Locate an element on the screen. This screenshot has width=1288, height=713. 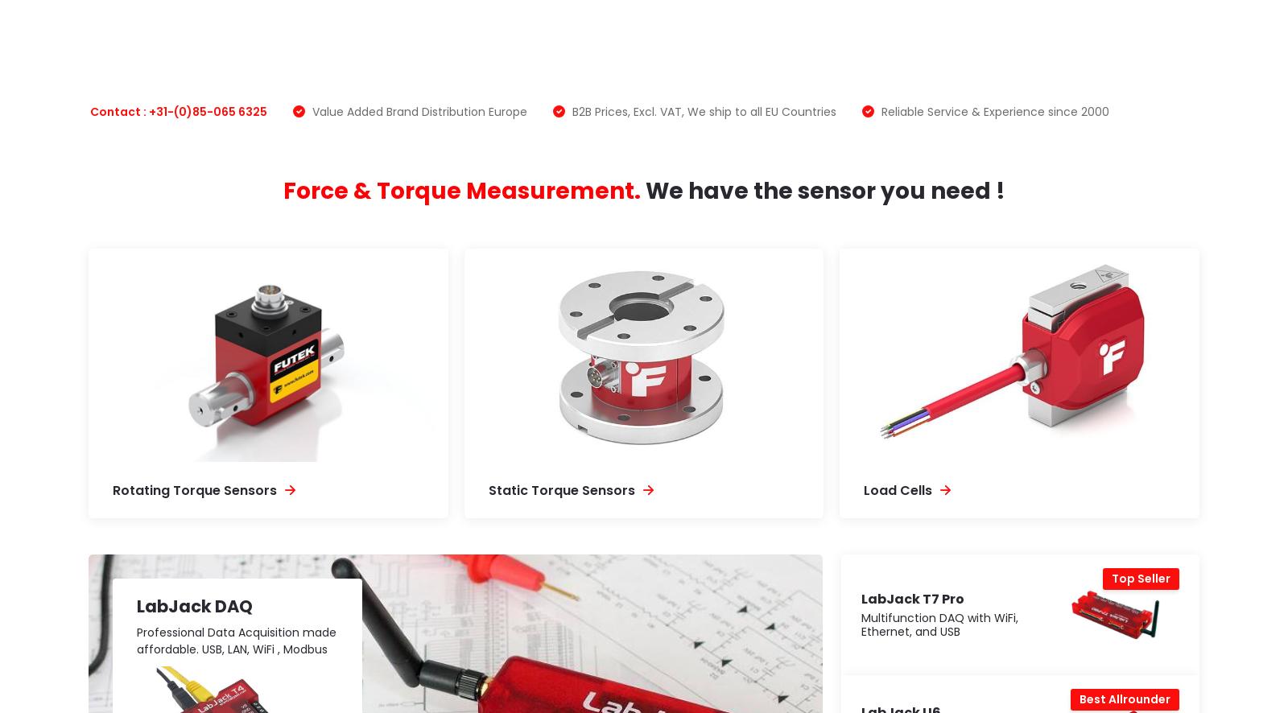
'Wilt u informatie ?' is located at coordinates (276, 591).